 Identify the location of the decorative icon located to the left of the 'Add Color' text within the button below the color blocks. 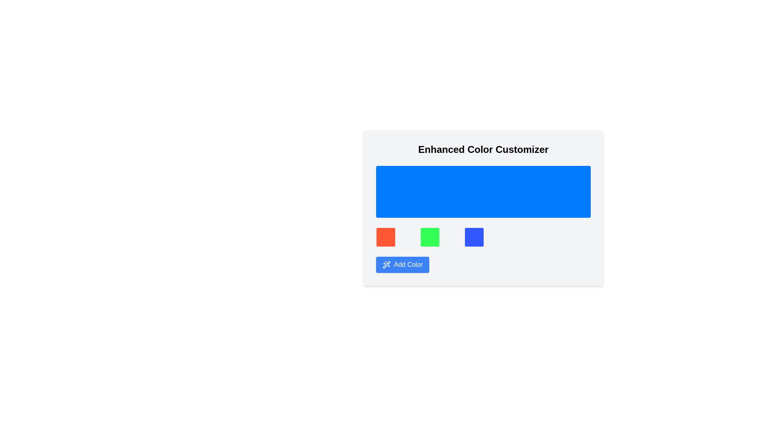
(386, 264).